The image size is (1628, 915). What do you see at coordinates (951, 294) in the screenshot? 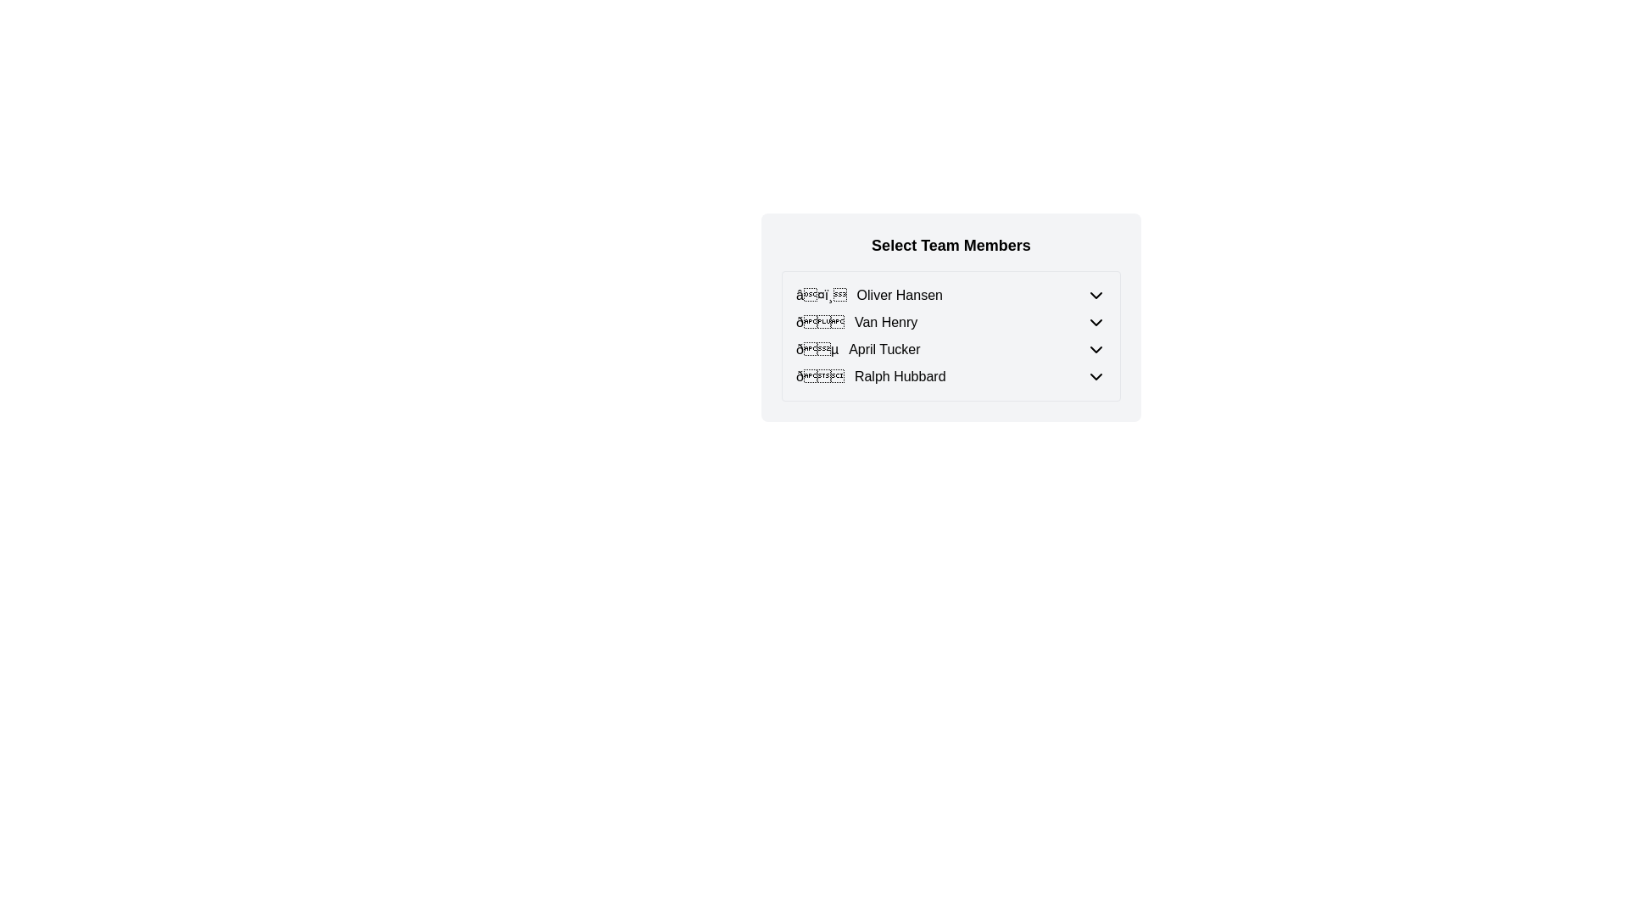
I see `to select the 'Oliver Hansen' entry in the dropdown list of team members` at bounding box center [951, 294].